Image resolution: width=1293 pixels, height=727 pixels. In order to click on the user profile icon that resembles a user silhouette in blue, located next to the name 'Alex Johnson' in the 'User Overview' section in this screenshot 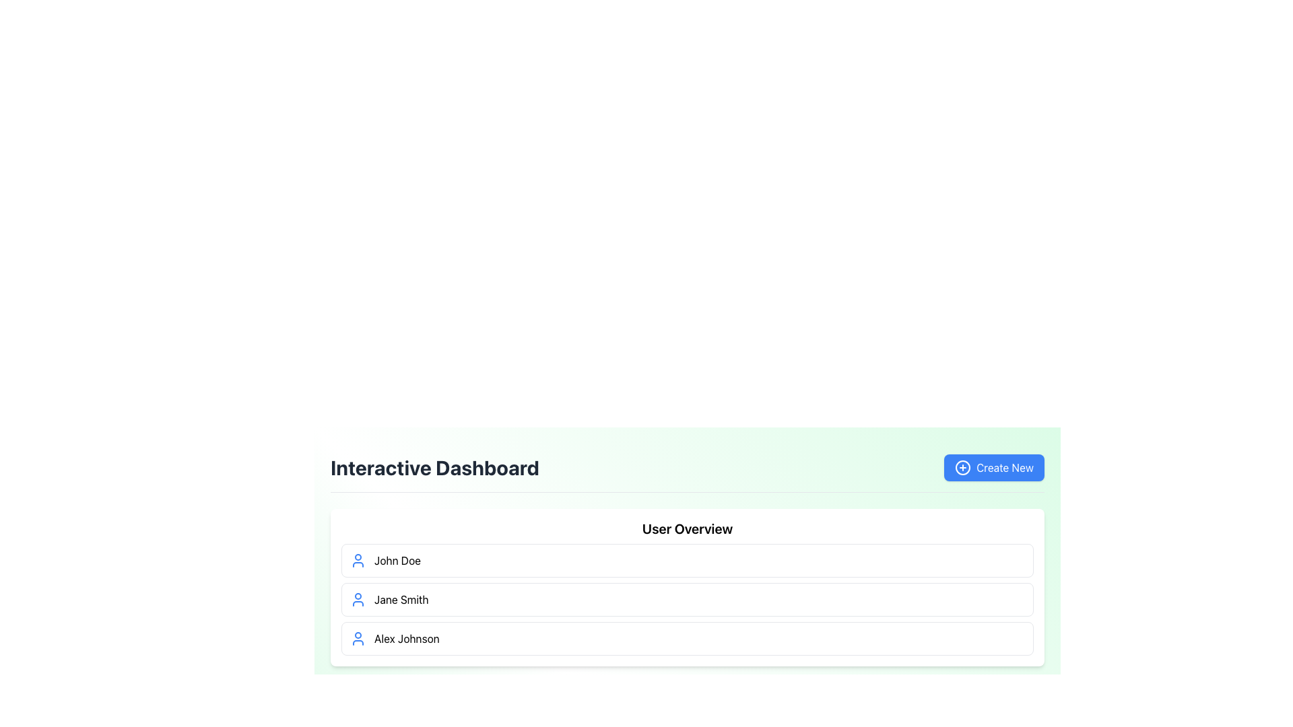, I will do `click(358, 637)`.